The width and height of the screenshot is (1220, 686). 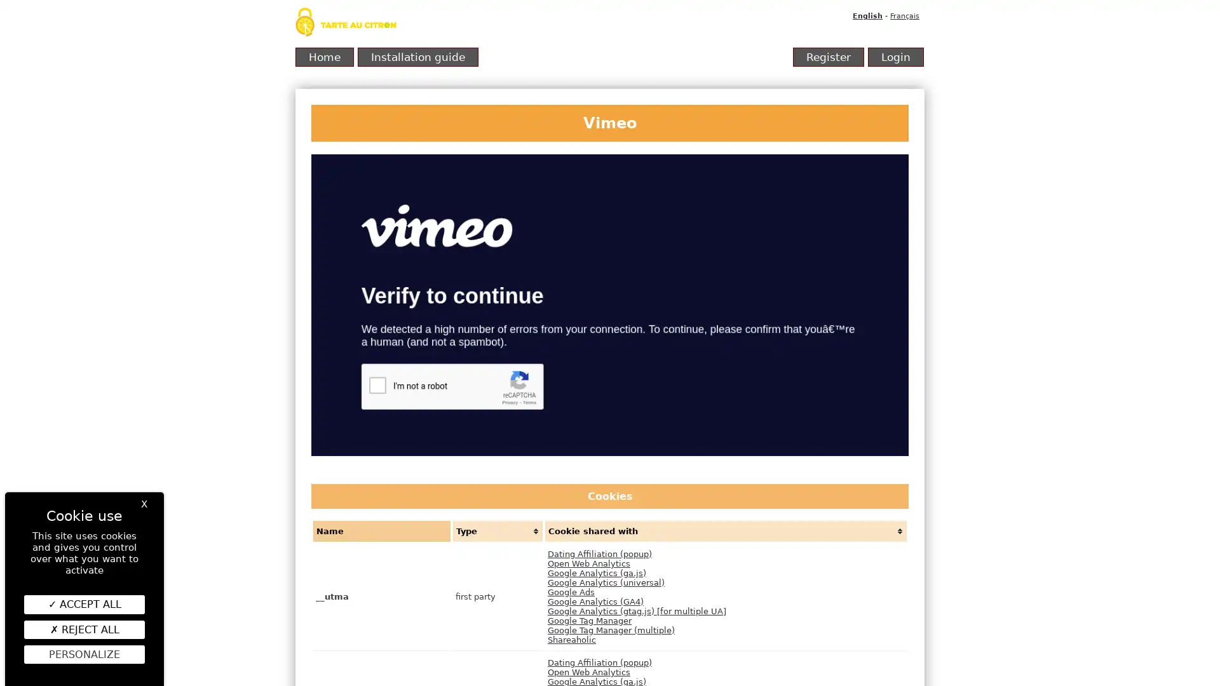 What do you see at coordinates (84, 629) in the screenshot?
I see `REJECT ALL` at bounding box center [84, 629].